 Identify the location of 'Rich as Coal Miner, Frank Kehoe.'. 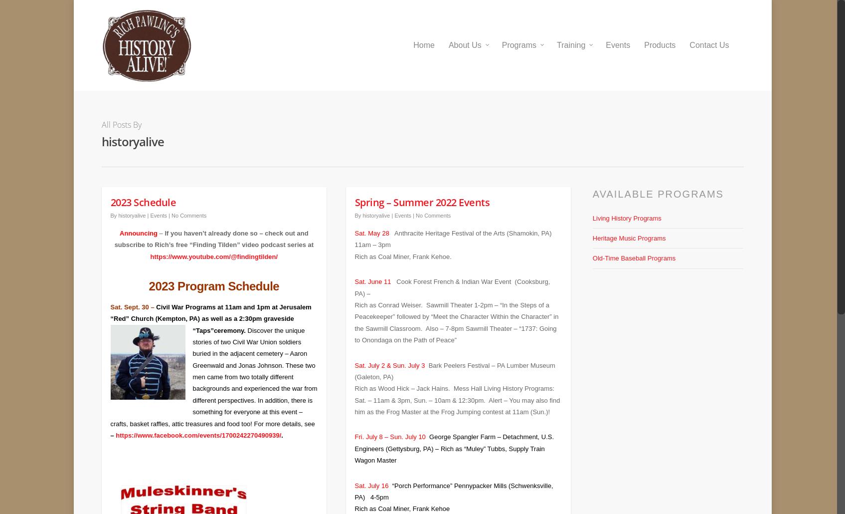
(354, 249).